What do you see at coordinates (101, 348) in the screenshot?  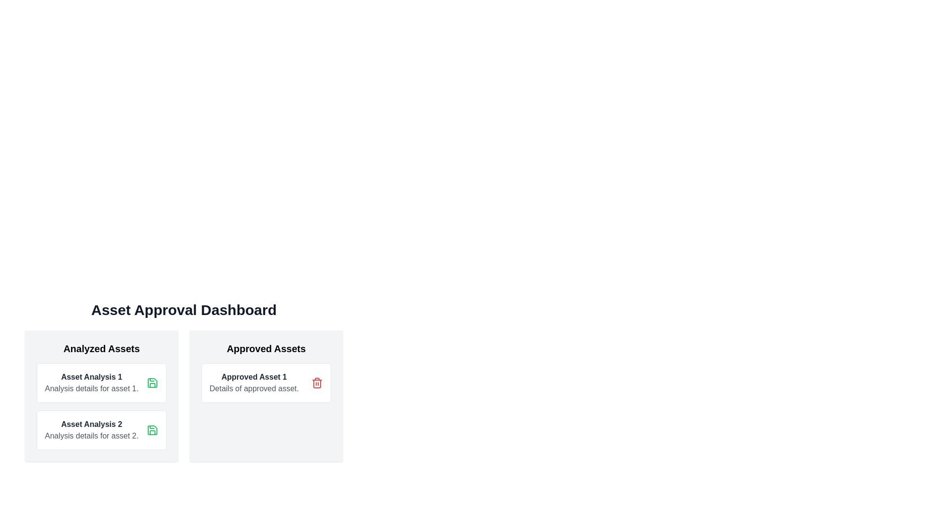 I see `displayed text from the section header Text label located at the top of the list of detailed items in the Asset Approval Dashboard` at bounding box center [101, 348].